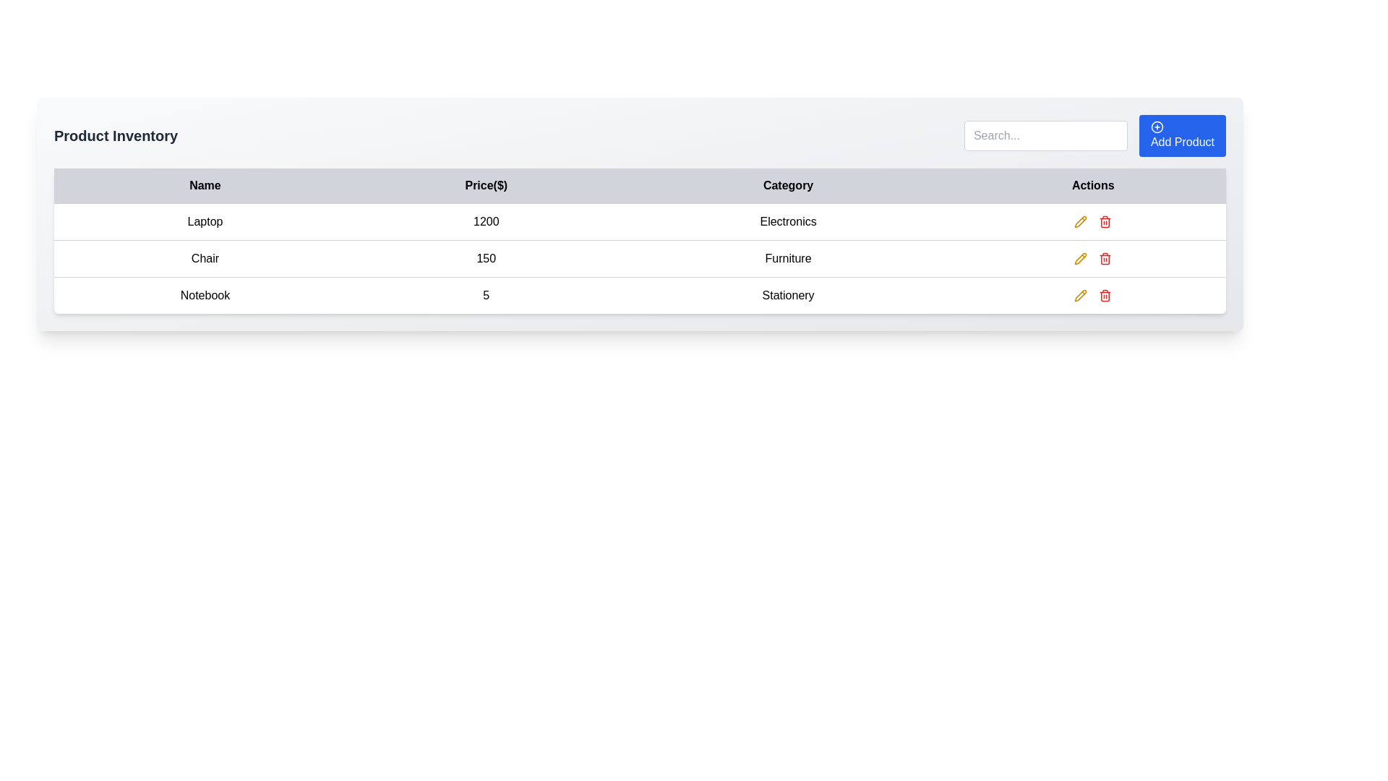 This screenshot has width=1388, height=781. I want to click on the table header cell labeled 'Name', which has a light gray background and black bold text, located on the leftmost side of the header row, so click(204, 185).